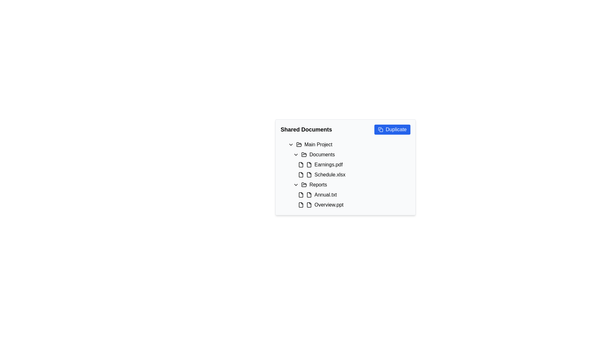  What do you see at coordinates (301, 205) in the screenshot?
I see `the first document icon to the left of 'Overview.ppt' in the bottom section of the 'Reports' list in the 'Shared Documents' interface` at bounding box center [301, 205].